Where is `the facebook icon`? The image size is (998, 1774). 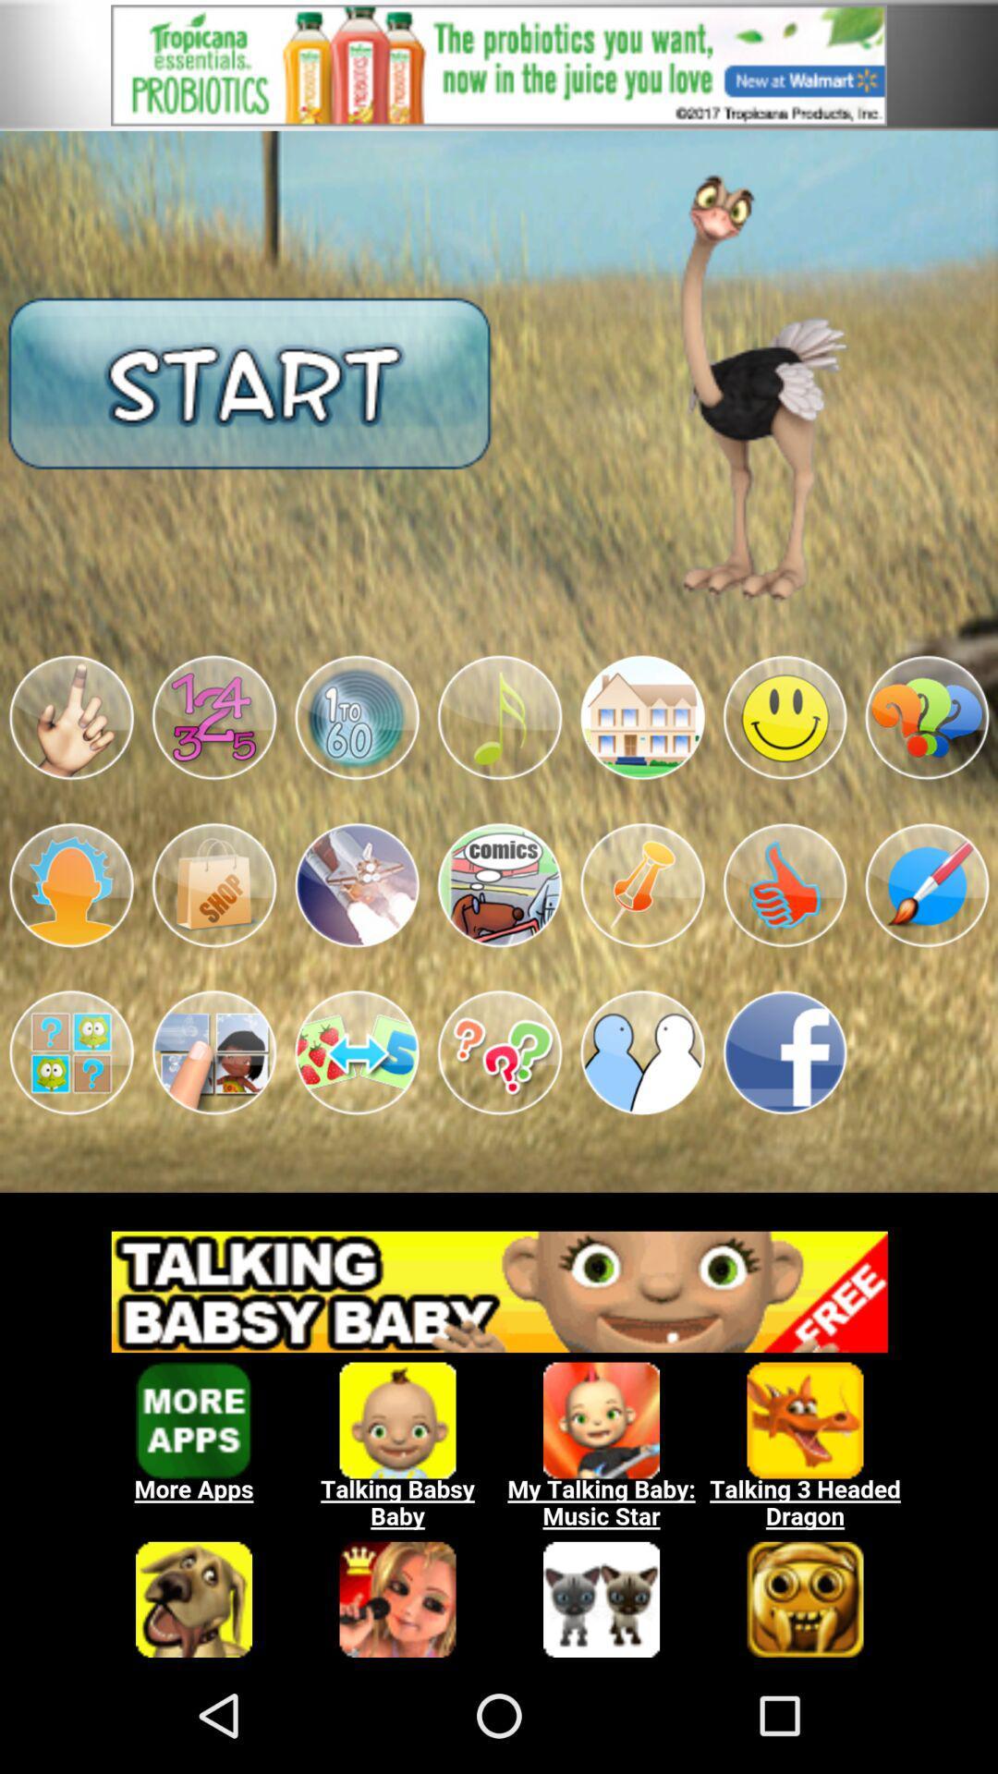 the facebook icon is located at coordinates (785, 1125).